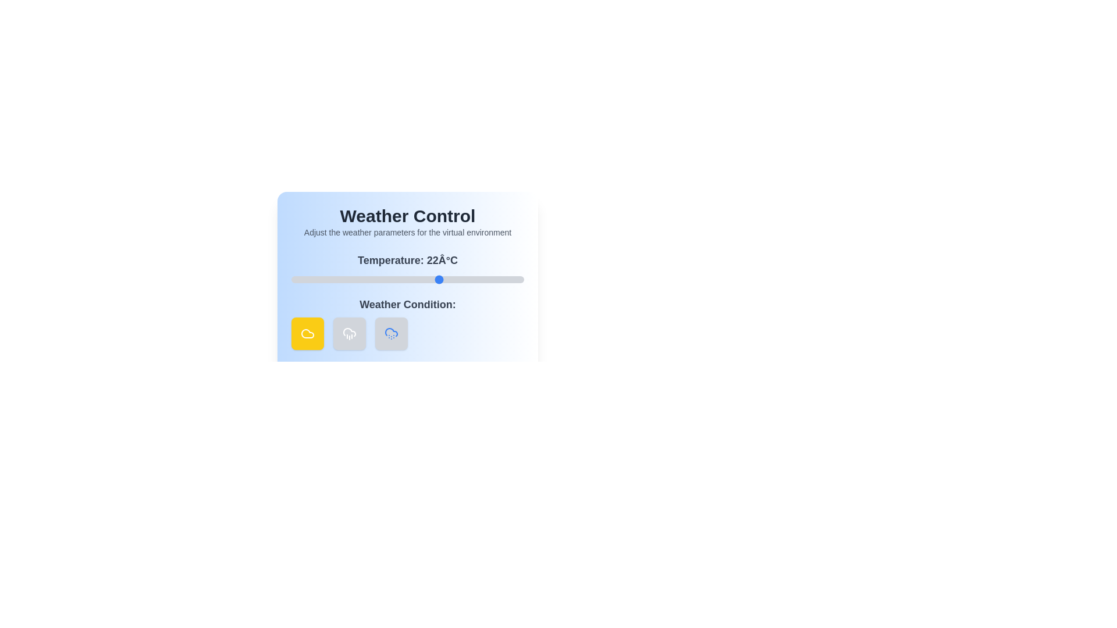 The width and height of the screenshot is (1117, 628). I want to click on the temperature slider to 3 degrees, so click(351, 280).